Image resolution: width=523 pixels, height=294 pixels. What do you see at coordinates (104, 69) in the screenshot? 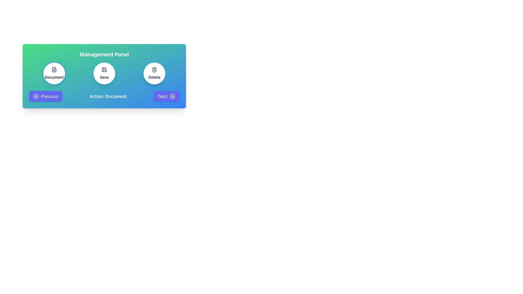
I see `the visual representation of the 'Save' button icon located centrally in the Management Panel, which is between the 'Document' and 'Delete' buttons` at bounding box center [104, 69].